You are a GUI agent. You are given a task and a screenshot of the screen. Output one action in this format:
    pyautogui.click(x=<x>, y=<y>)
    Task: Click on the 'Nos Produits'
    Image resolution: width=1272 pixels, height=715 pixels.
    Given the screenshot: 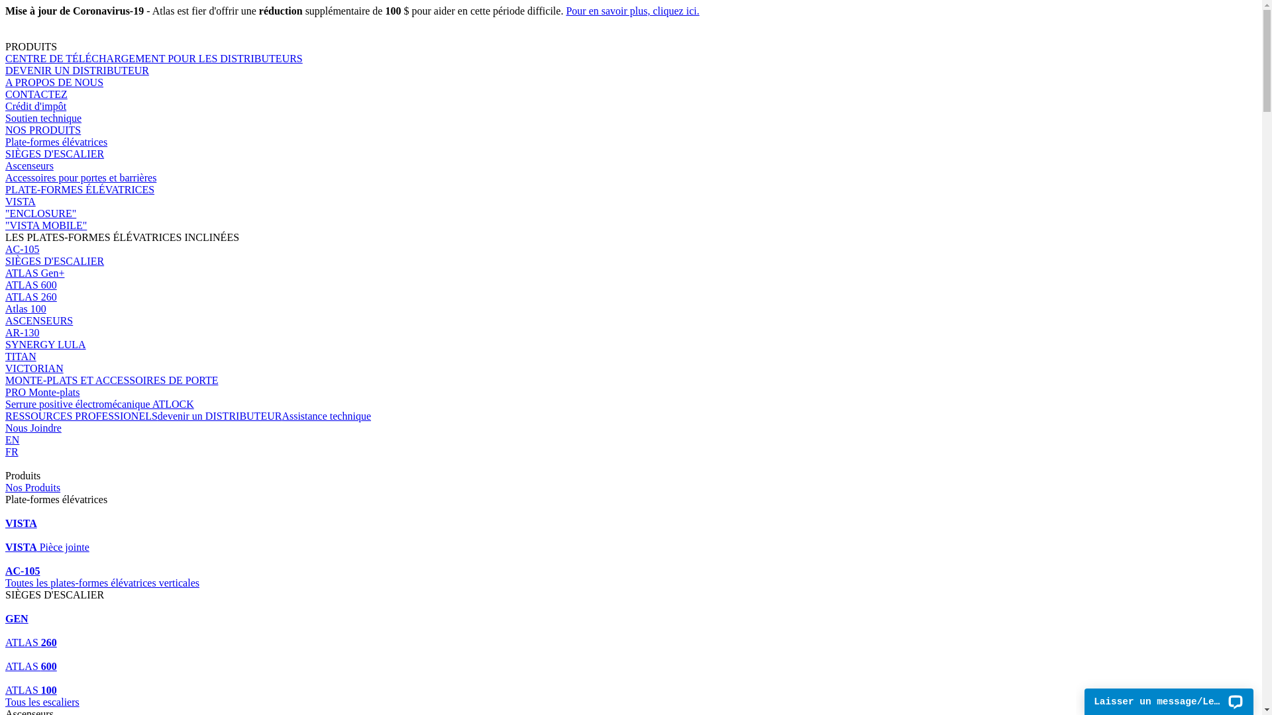 What is the action you would take?
    pyautogui.click(x=32, y=487)
    